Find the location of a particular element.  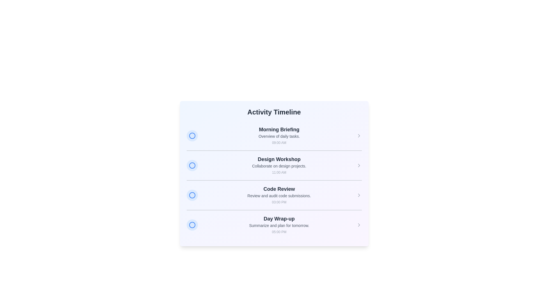

the text label indicating the scheduled time for the 'Morning Briefing' activity, which displays '09:00 AM' and is positioned in the bottom-right part of the 'Morning Briefing' section is located at coordinates (279, 143).